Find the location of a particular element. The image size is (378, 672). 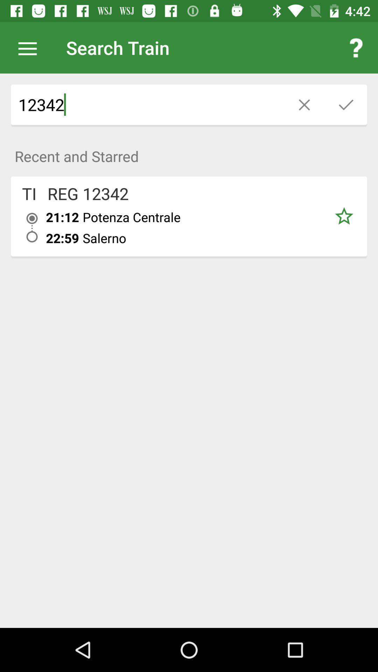

item to the left of the 21:12 item is located at coordinates (29, 194).